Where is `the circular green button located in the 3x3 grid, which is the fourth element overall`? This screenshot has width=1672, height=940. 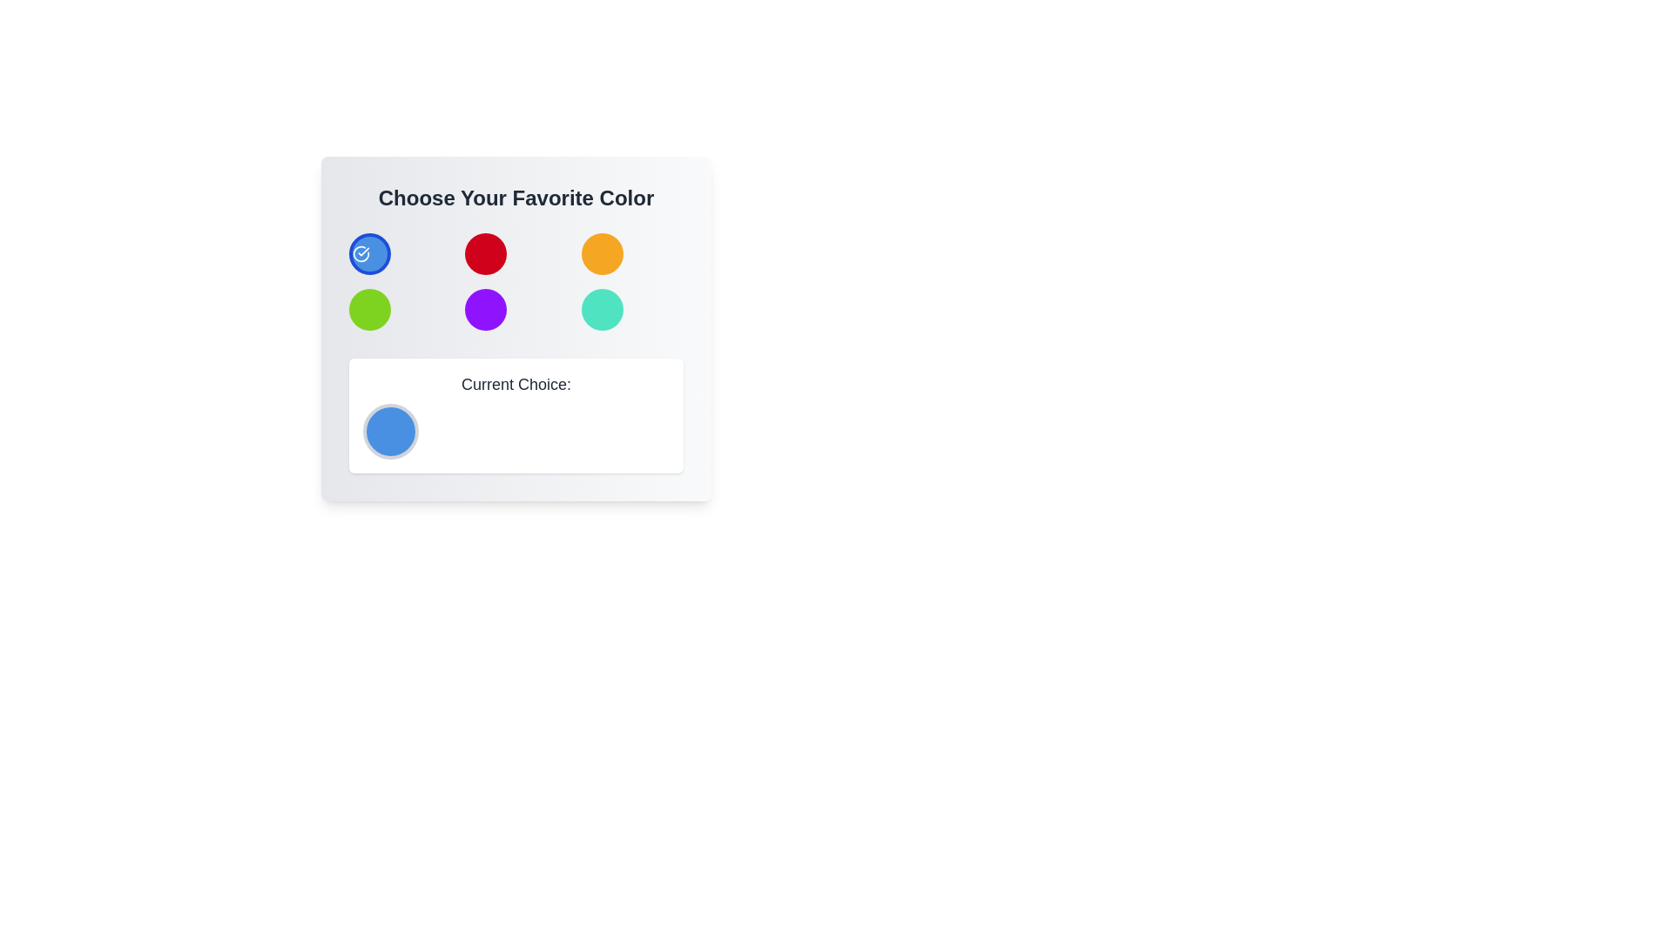
the circular green button located in the 3x3 grid, which is the fourth element overall is located at coordinates (369, 308).